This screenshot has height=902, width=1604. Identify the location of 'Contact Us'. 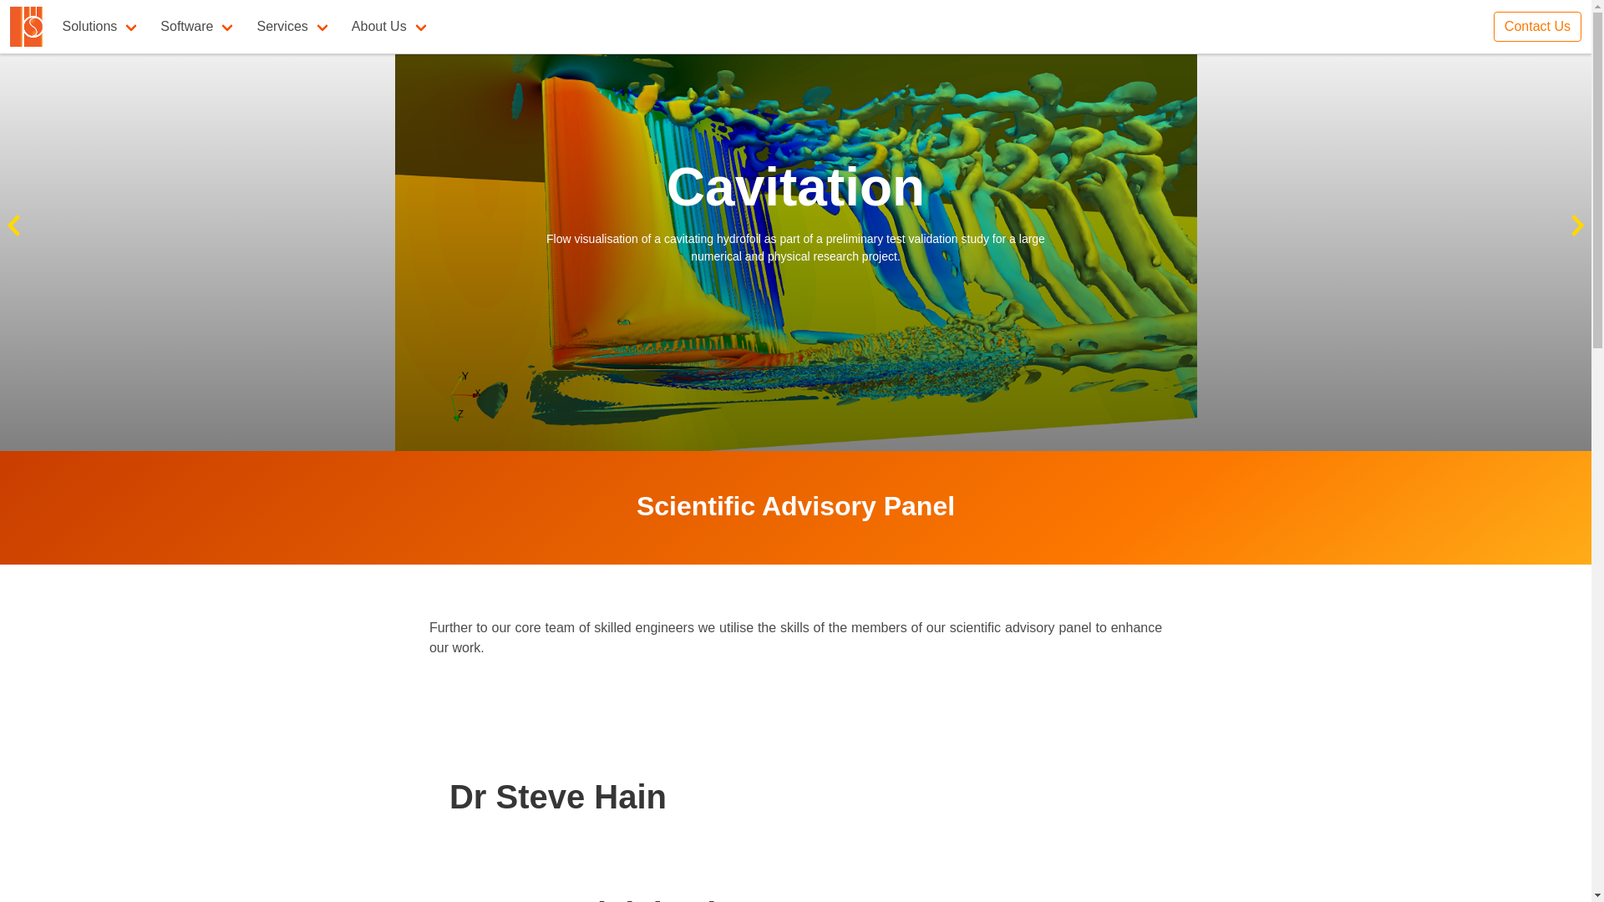
(1537, 26).